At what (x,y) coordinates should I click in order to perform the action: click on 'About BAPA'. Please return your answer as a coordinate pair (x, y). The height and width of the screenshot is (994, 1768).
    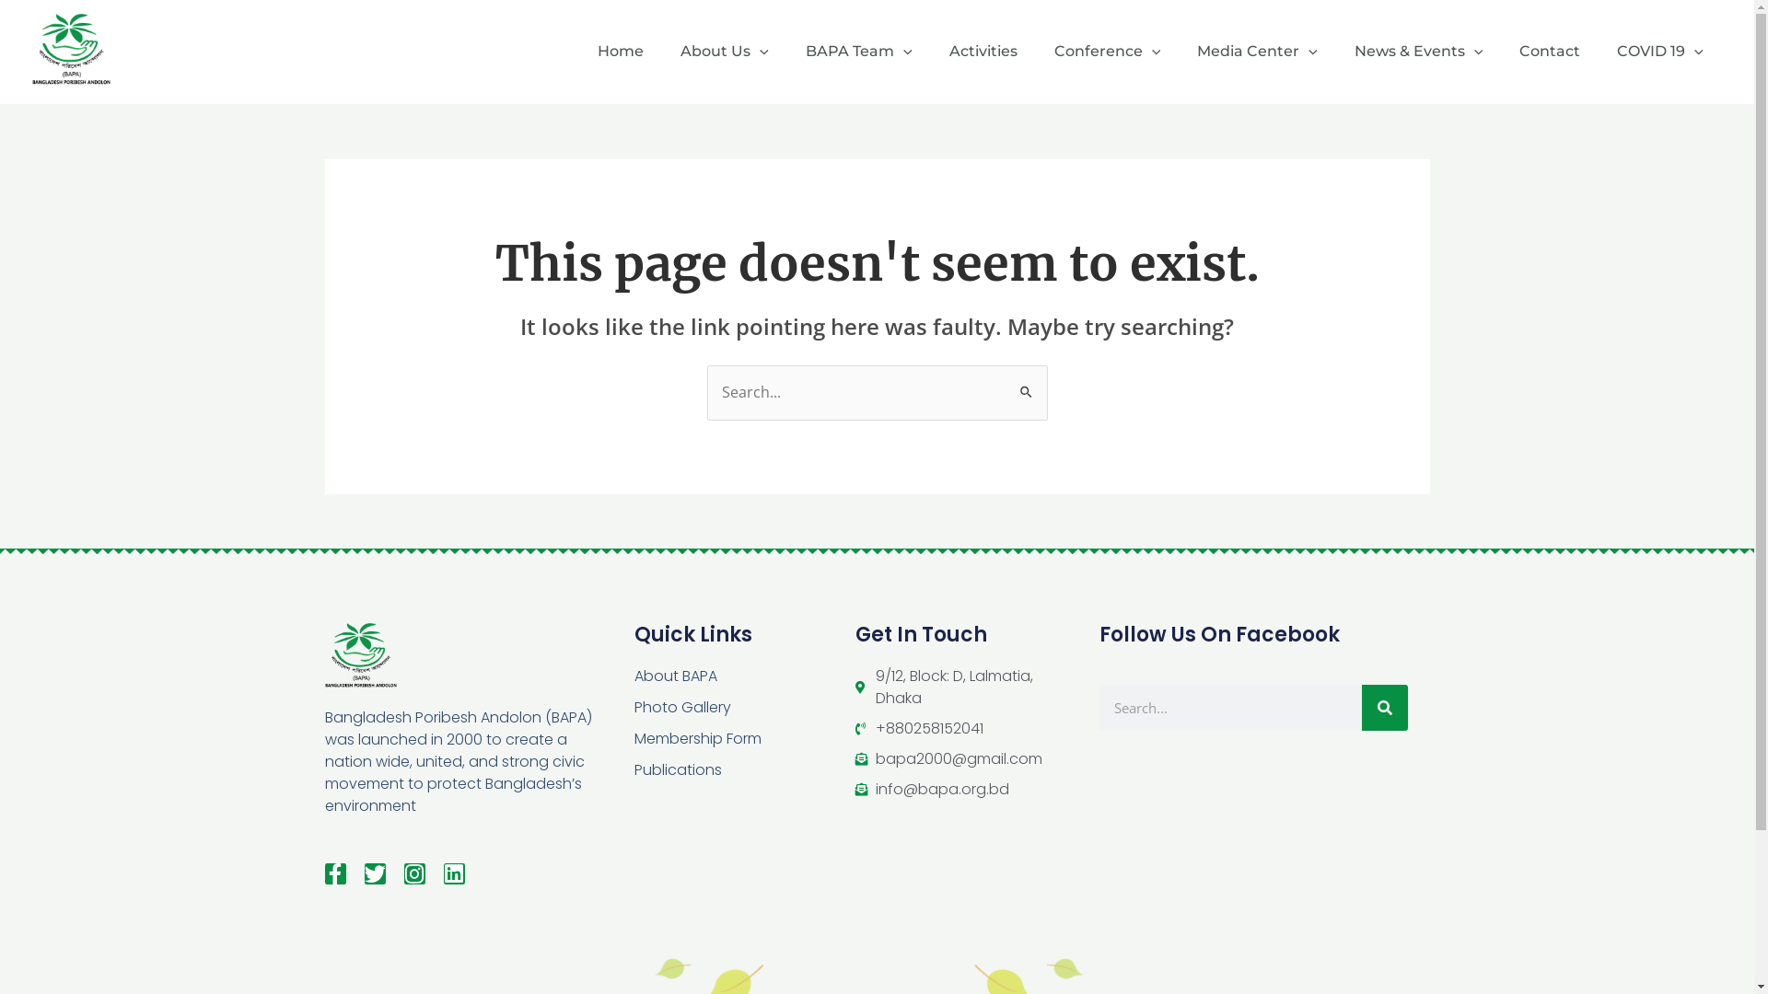
    Looking at the image, I should click on (743, 676).